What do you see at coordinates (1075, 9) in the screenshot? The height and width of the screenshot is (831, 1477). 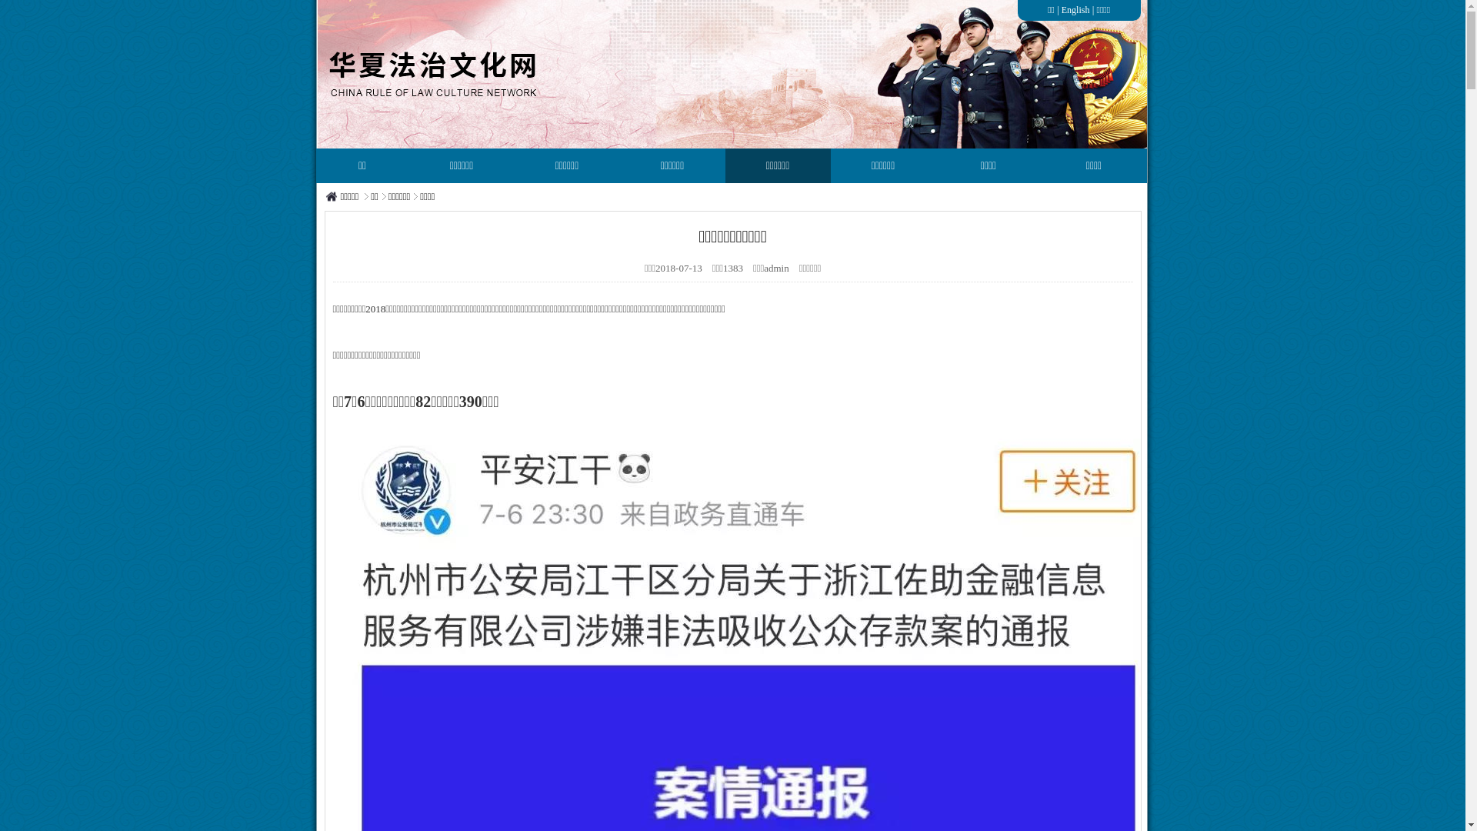 I see `'English'` at bounding box center [1075, 9].